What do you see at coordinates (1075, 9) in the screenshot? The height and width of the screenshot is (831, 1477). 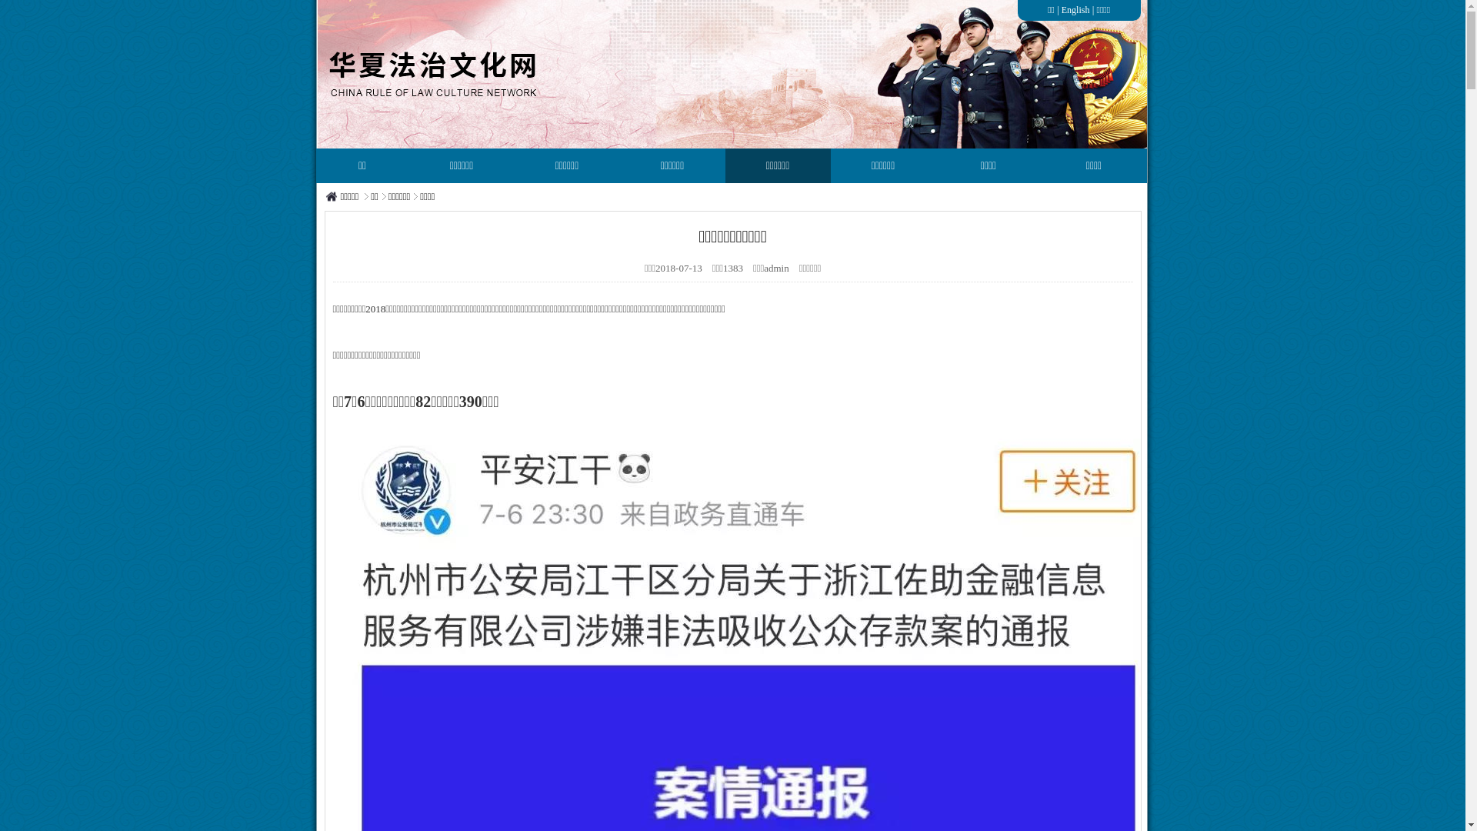 I see `'English'` at bounding box center [1075, 9].